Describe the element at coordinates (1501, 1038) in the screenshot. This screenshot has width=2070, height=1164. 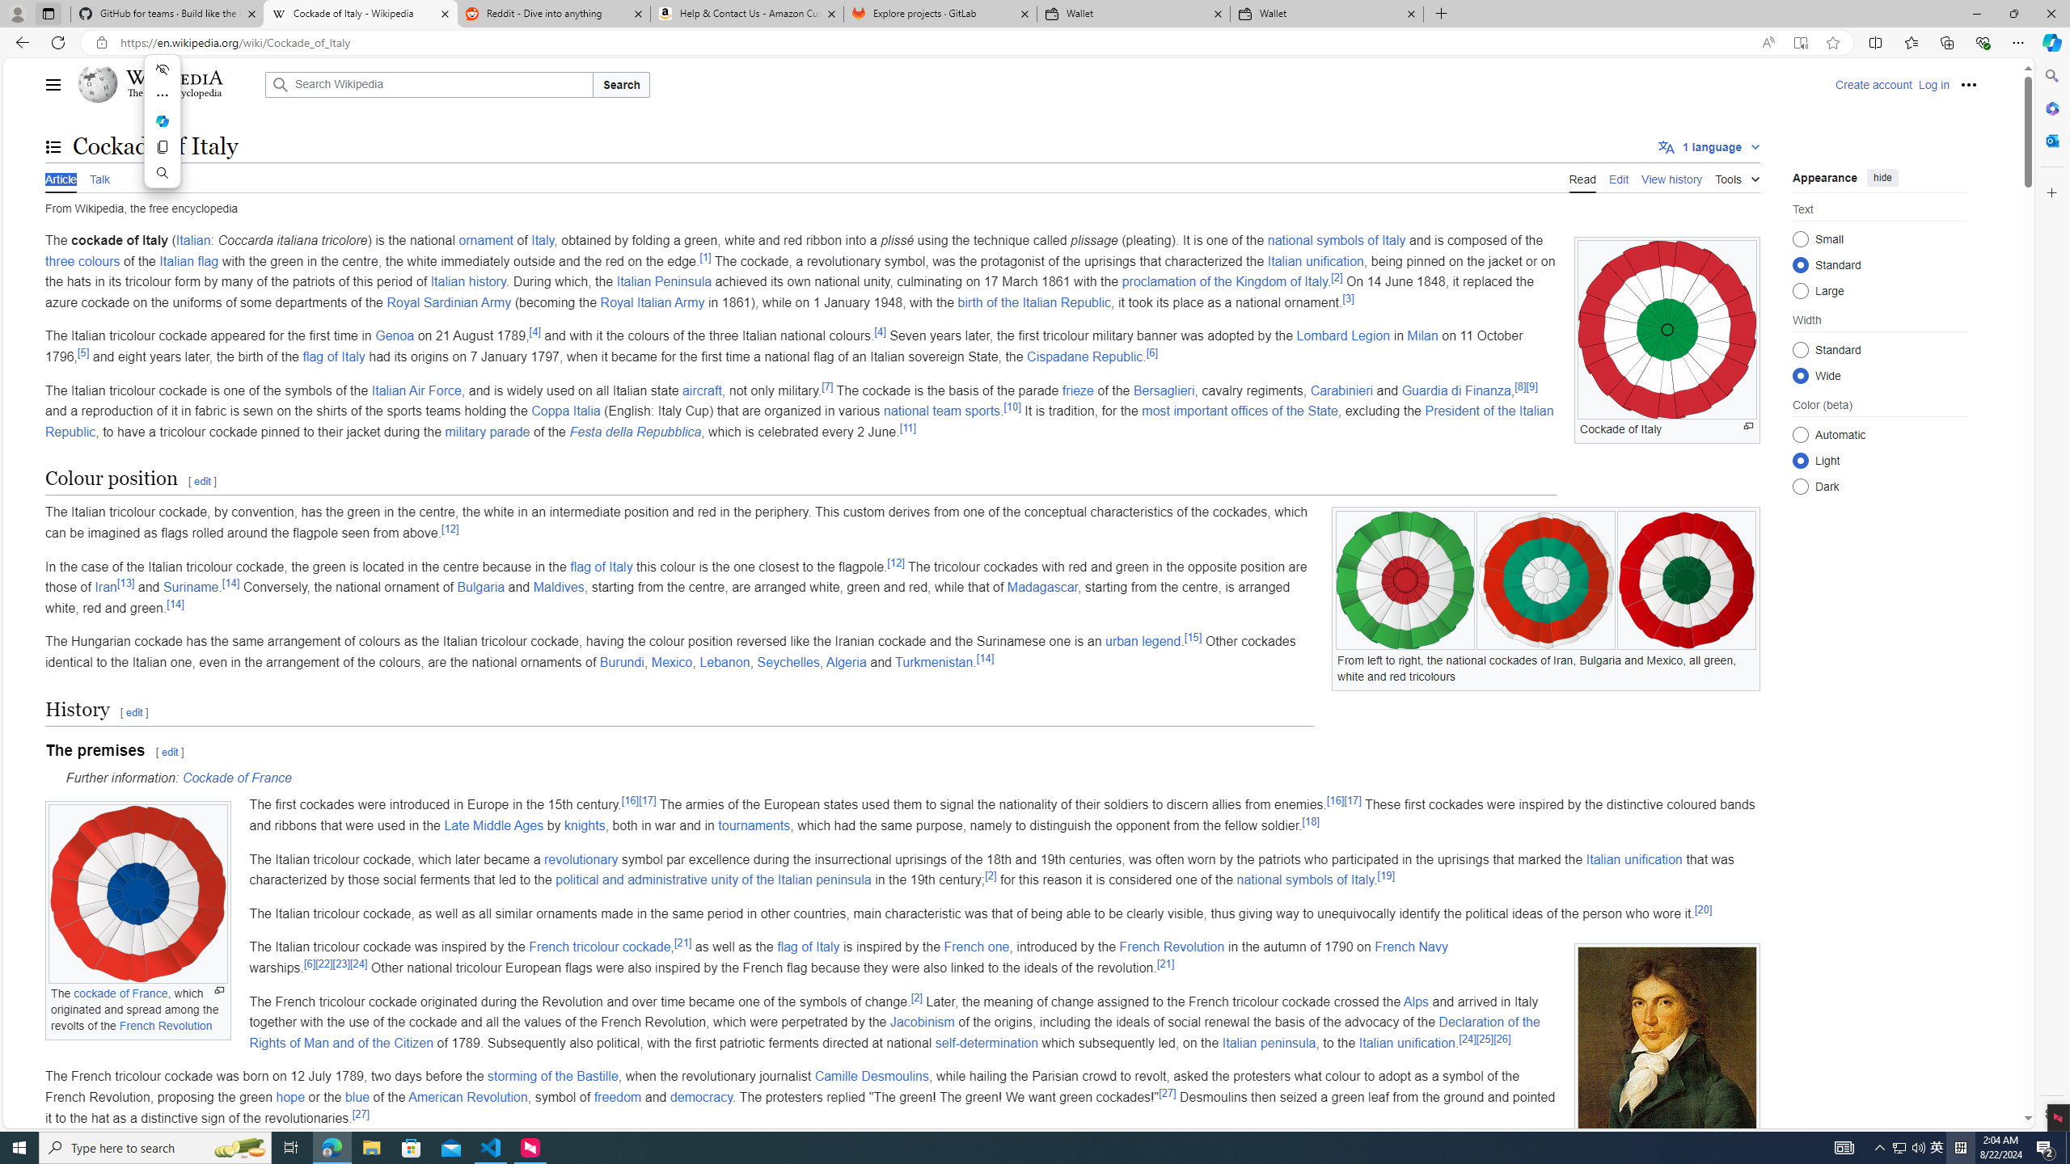
I see `'[26]'` at that location.